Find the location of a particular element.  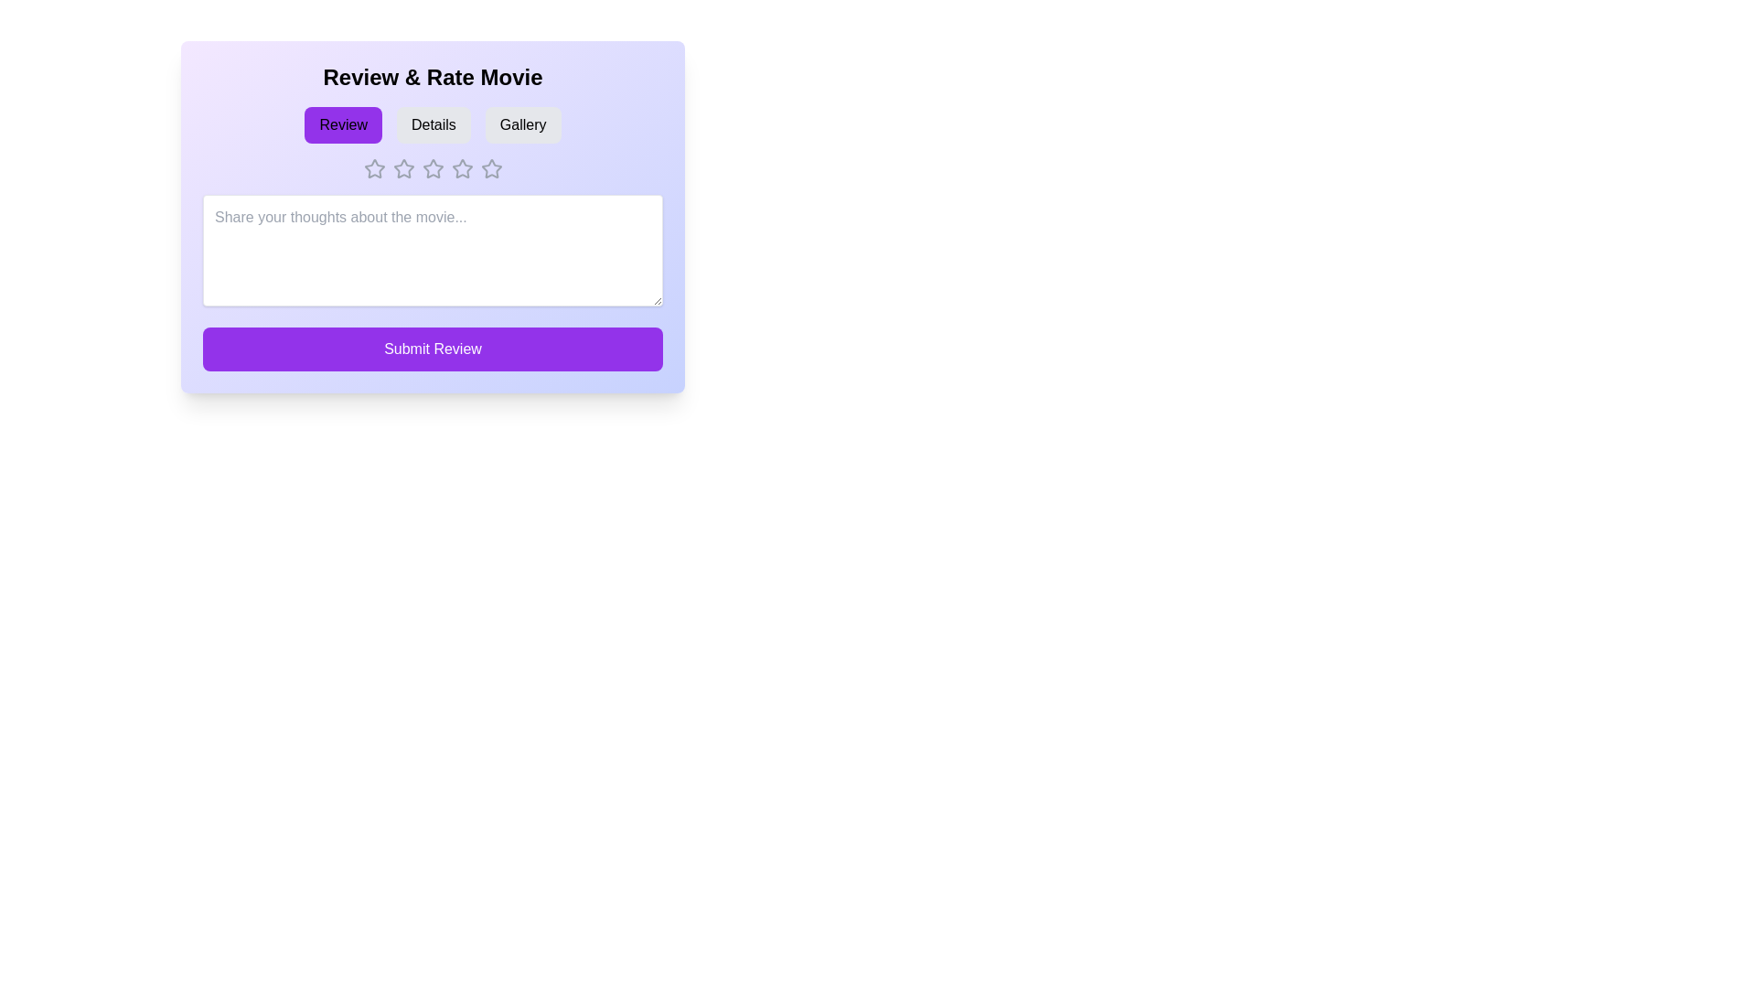

the Review tab is located at coordinates (343, 124).